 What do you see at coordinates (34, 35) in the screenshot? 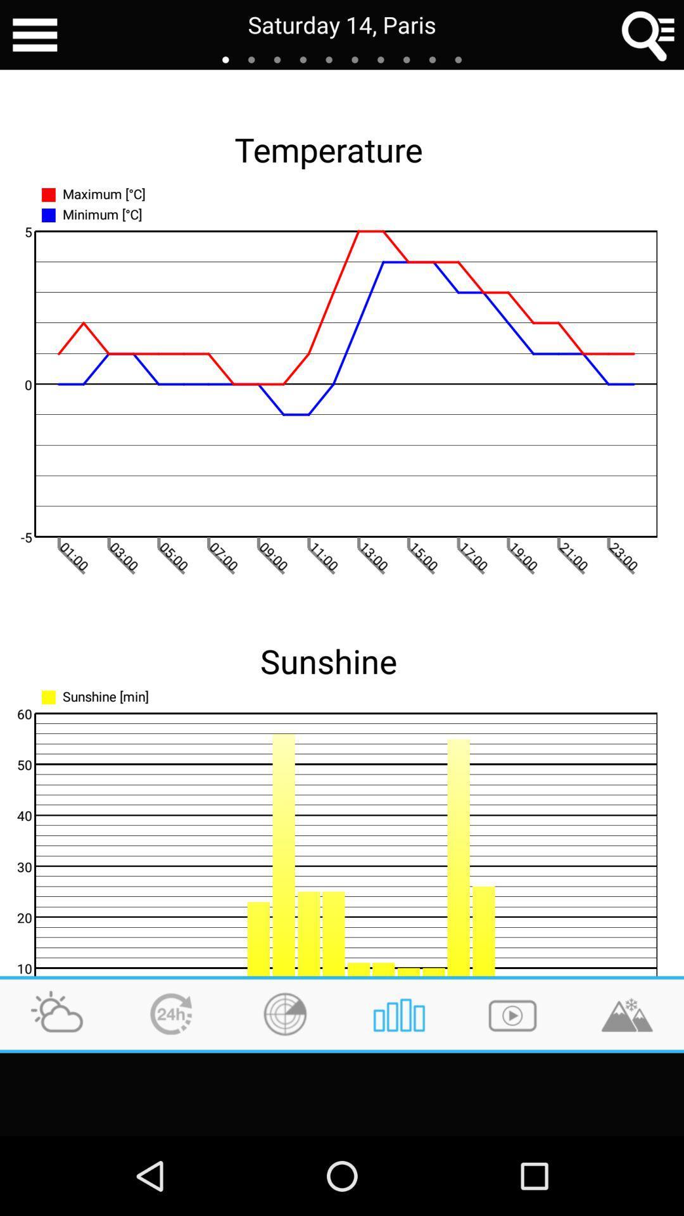
I see `open menu` at bounding box center [34, 35].